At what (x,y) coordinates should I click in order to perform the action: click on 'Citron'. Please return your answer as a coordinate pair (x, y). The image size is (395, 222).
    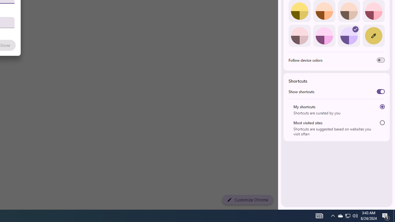
    Looking at the image, I should click on (299, 11).